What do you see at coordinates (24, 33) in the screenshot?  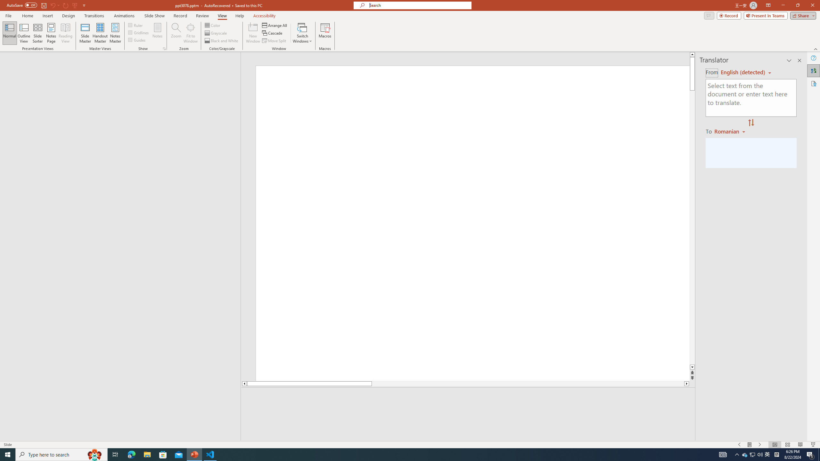 I see `'Outline View'` at bounding box center [24, 33].